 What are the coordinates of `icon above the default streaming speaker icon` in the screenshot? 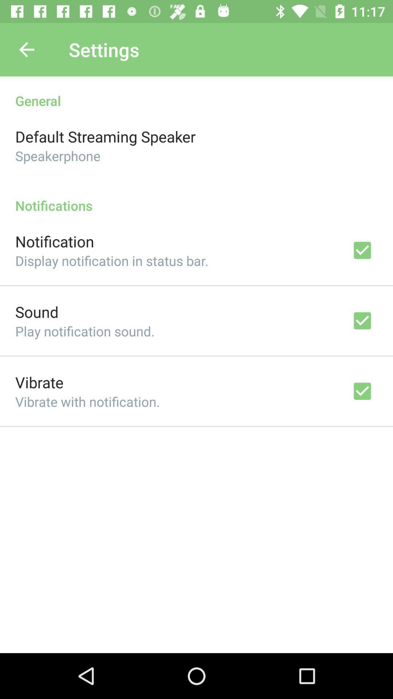 It's located at (196, 92).